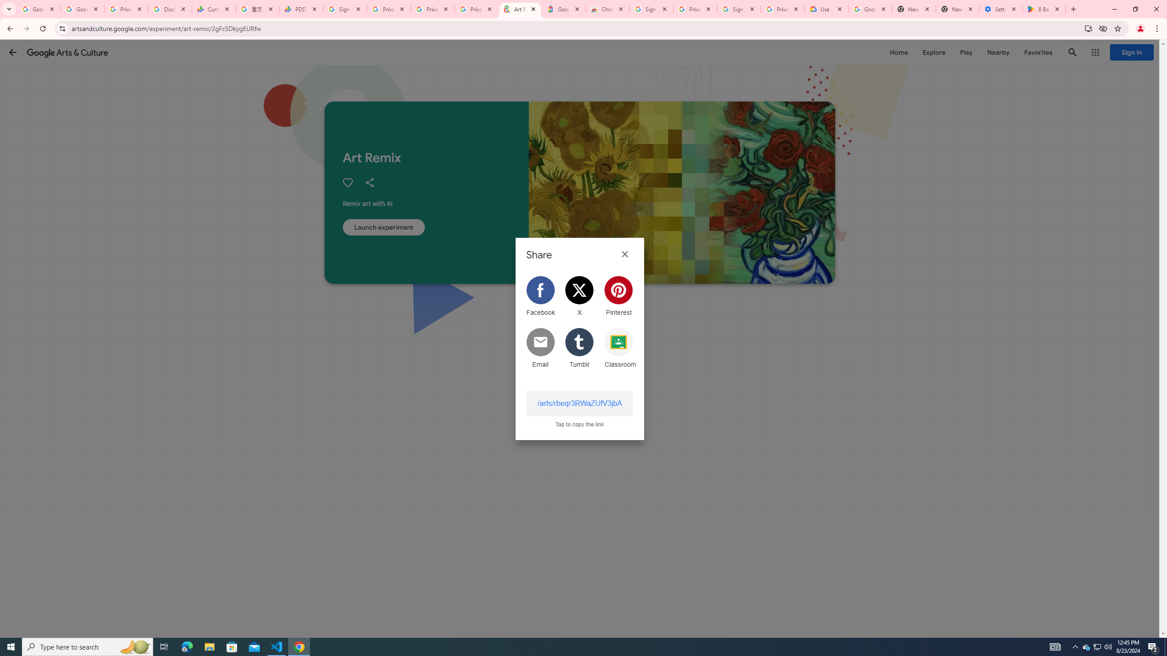  What do you see at coordinates (432, 9) in the screenshot?
I see `'Privacy Checkup'` at bounding box center [432, 9].